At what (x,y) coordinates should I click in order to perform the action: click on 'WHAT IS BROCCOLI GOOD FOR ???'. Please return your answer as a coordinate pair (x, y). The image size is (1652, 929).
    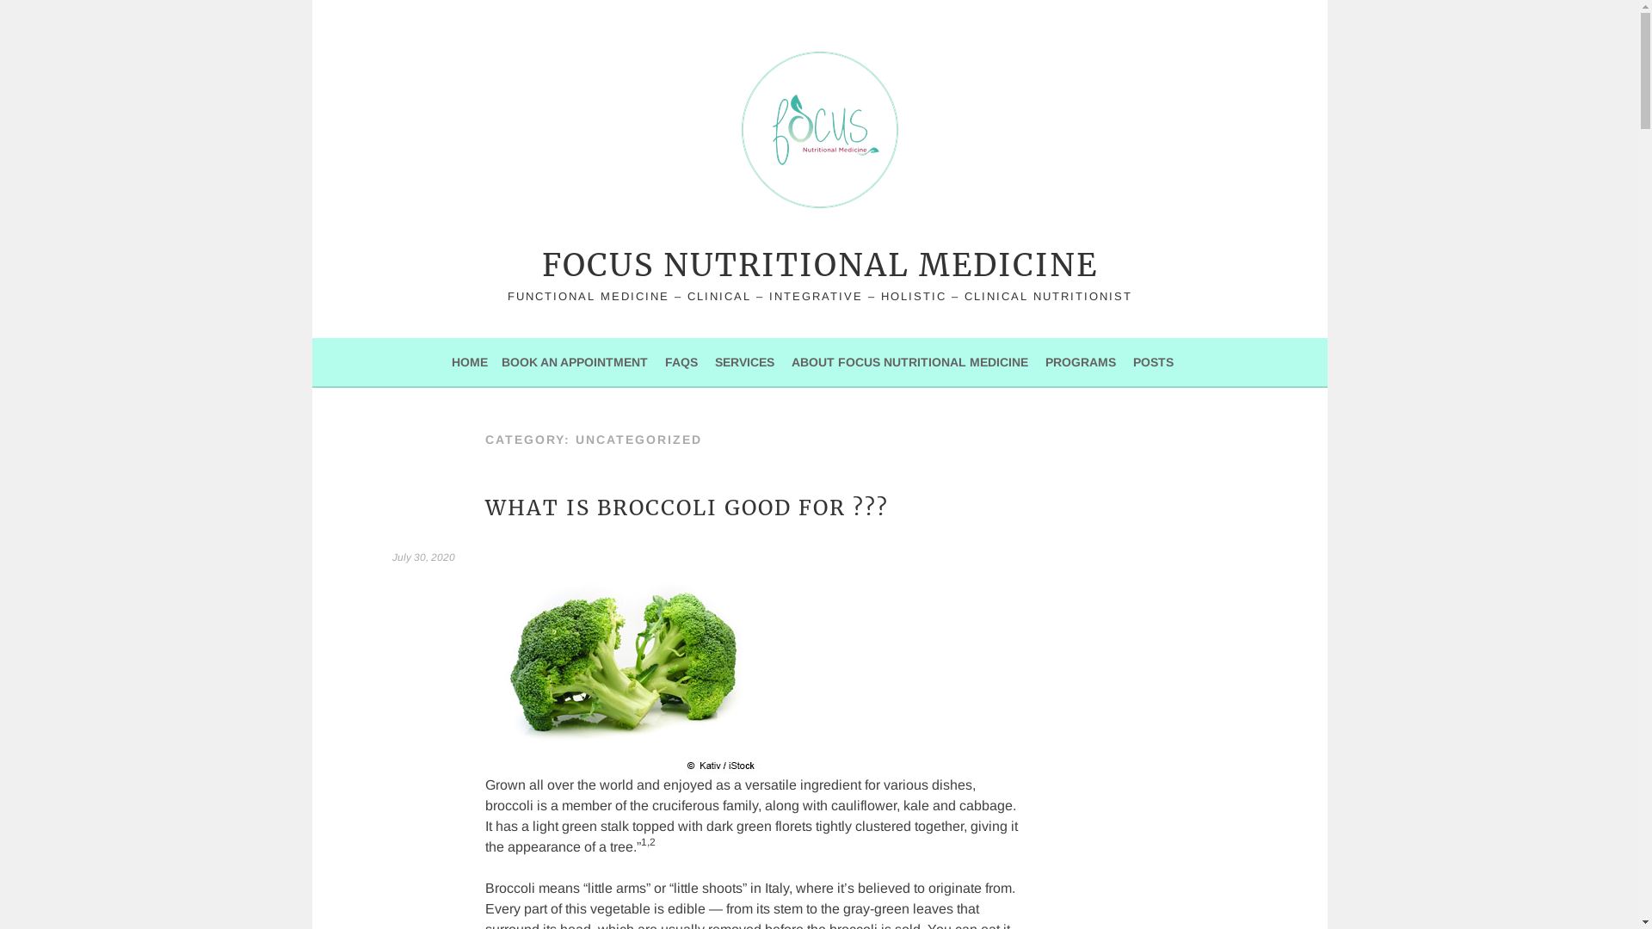
    Looking at the image, I should click on (484, 507).